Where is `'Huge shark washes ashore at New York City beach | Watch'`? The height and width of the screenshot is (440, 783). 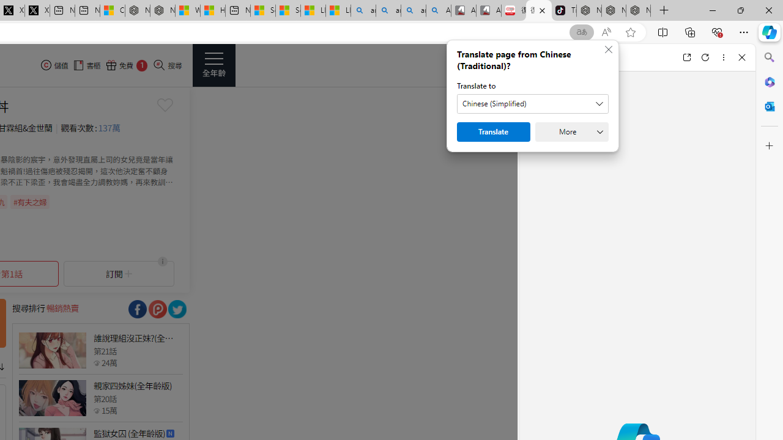 'Huge shark washes ashore at New York City beach | Watch' is located at coordinates (213, 10).